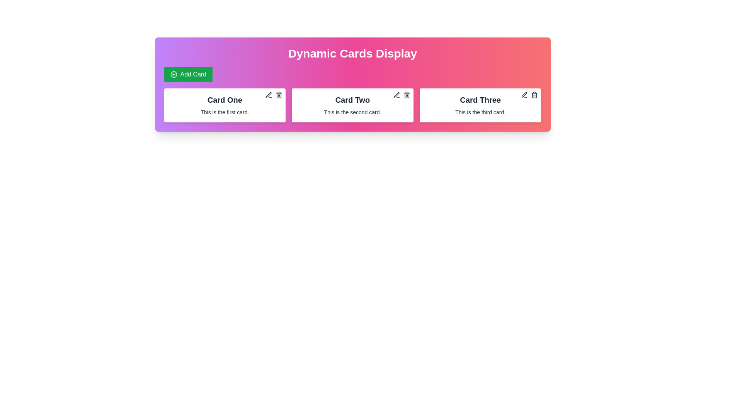 This screenshot has height=417, width=742. What do you see at coordinates (278, 95) in the screenshot?
I see `the trash can icon in the top-right corner of 'Card One'` at bounding box center [278, 95].